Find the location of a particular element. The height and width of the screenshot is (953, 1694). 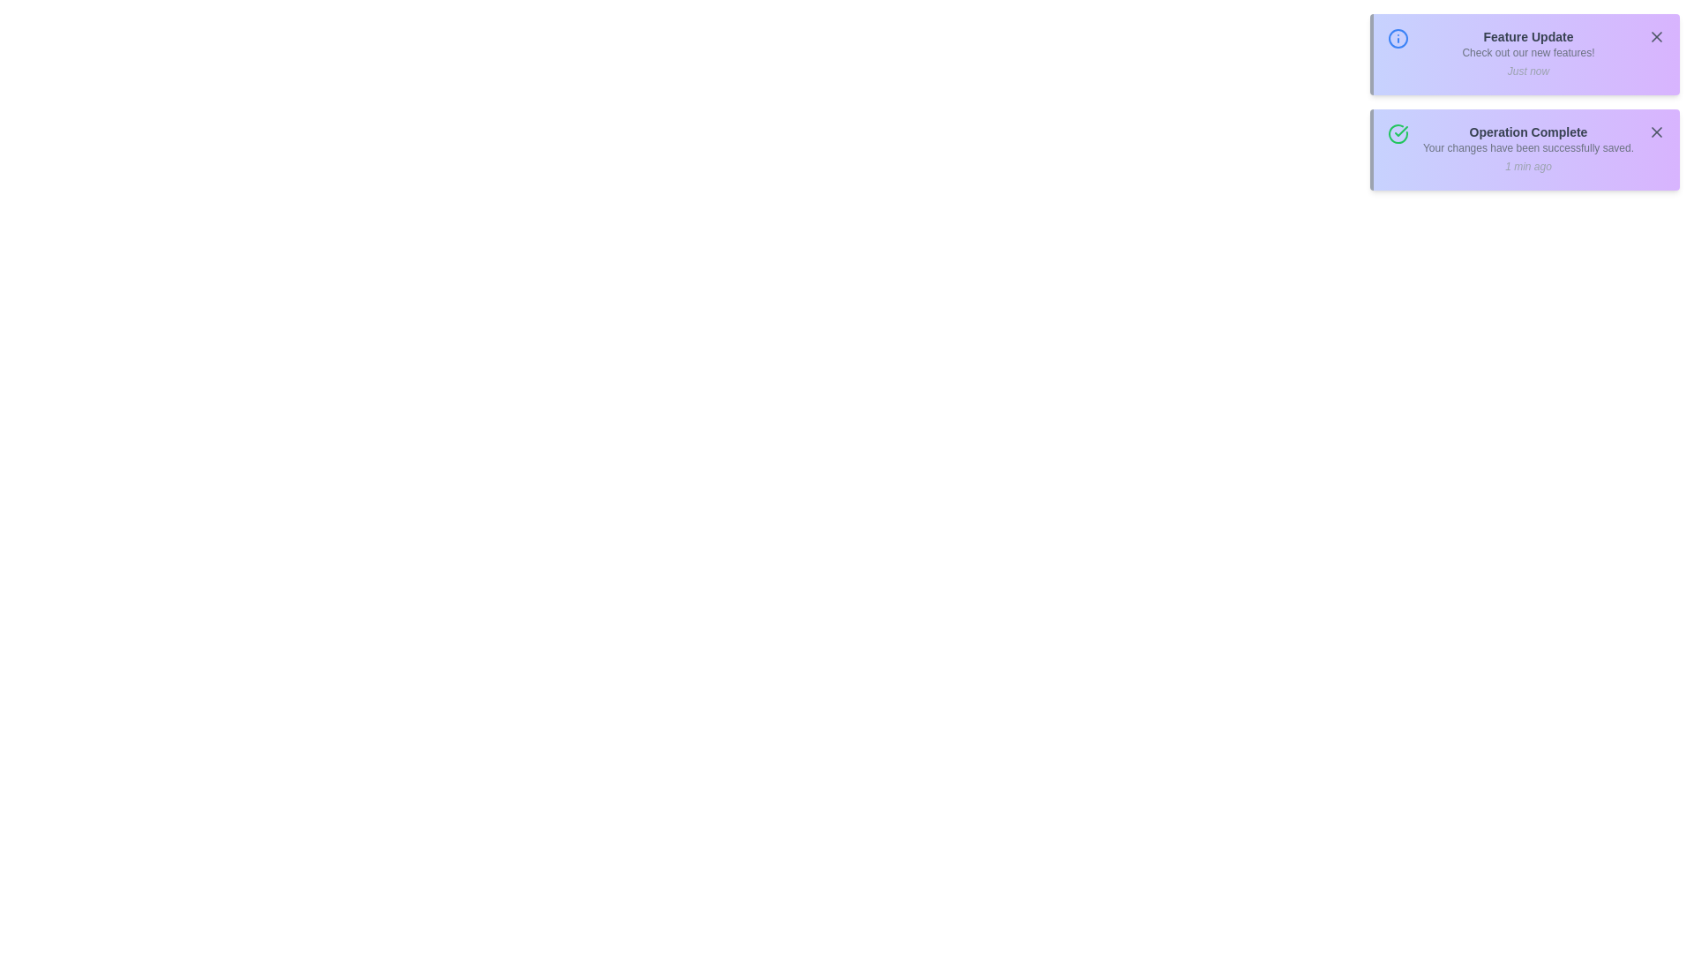

the notification icon for information type is located at coordinates (1397, 38).